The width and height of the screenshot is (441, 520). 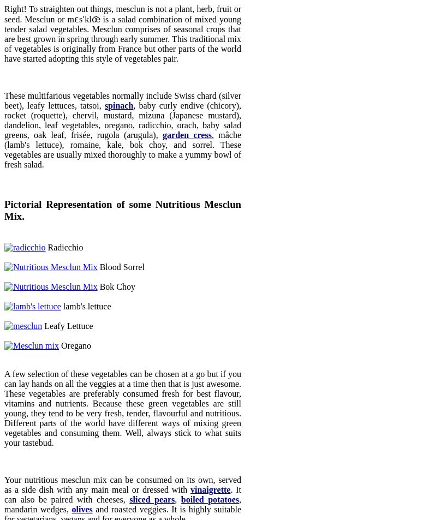 I want to click on 'Your nutritious mesclun mix can be consumed on its own, served as a side dish with any main meal or dressed with', so click(x=4, y=484).